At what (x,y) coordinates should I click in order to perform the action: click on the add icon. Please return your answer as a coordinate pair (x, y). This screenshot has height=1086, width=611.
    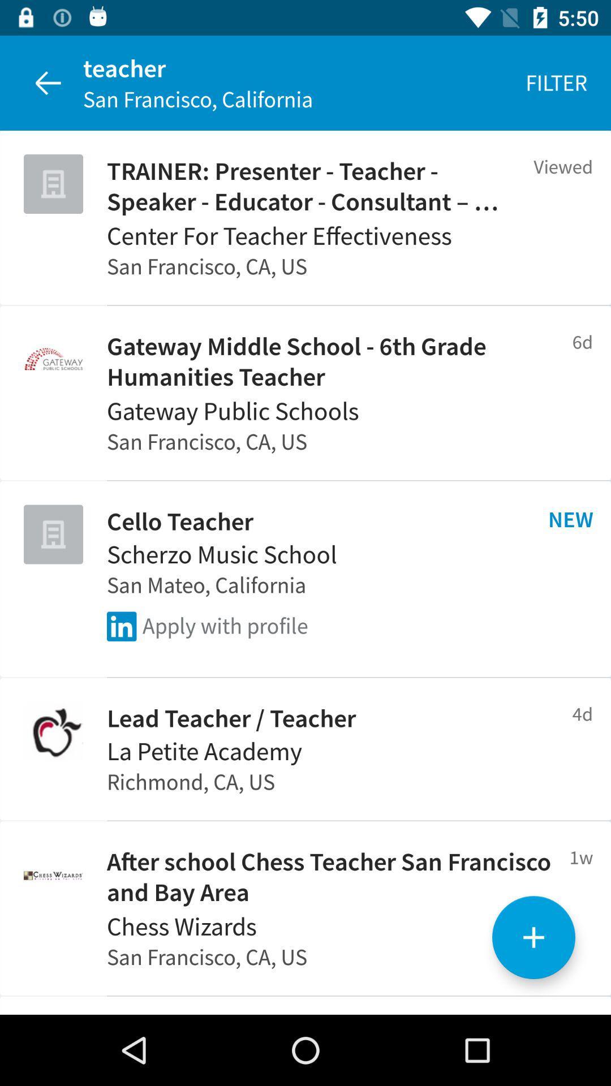
    Looking at the image, I should click on (533, 937).